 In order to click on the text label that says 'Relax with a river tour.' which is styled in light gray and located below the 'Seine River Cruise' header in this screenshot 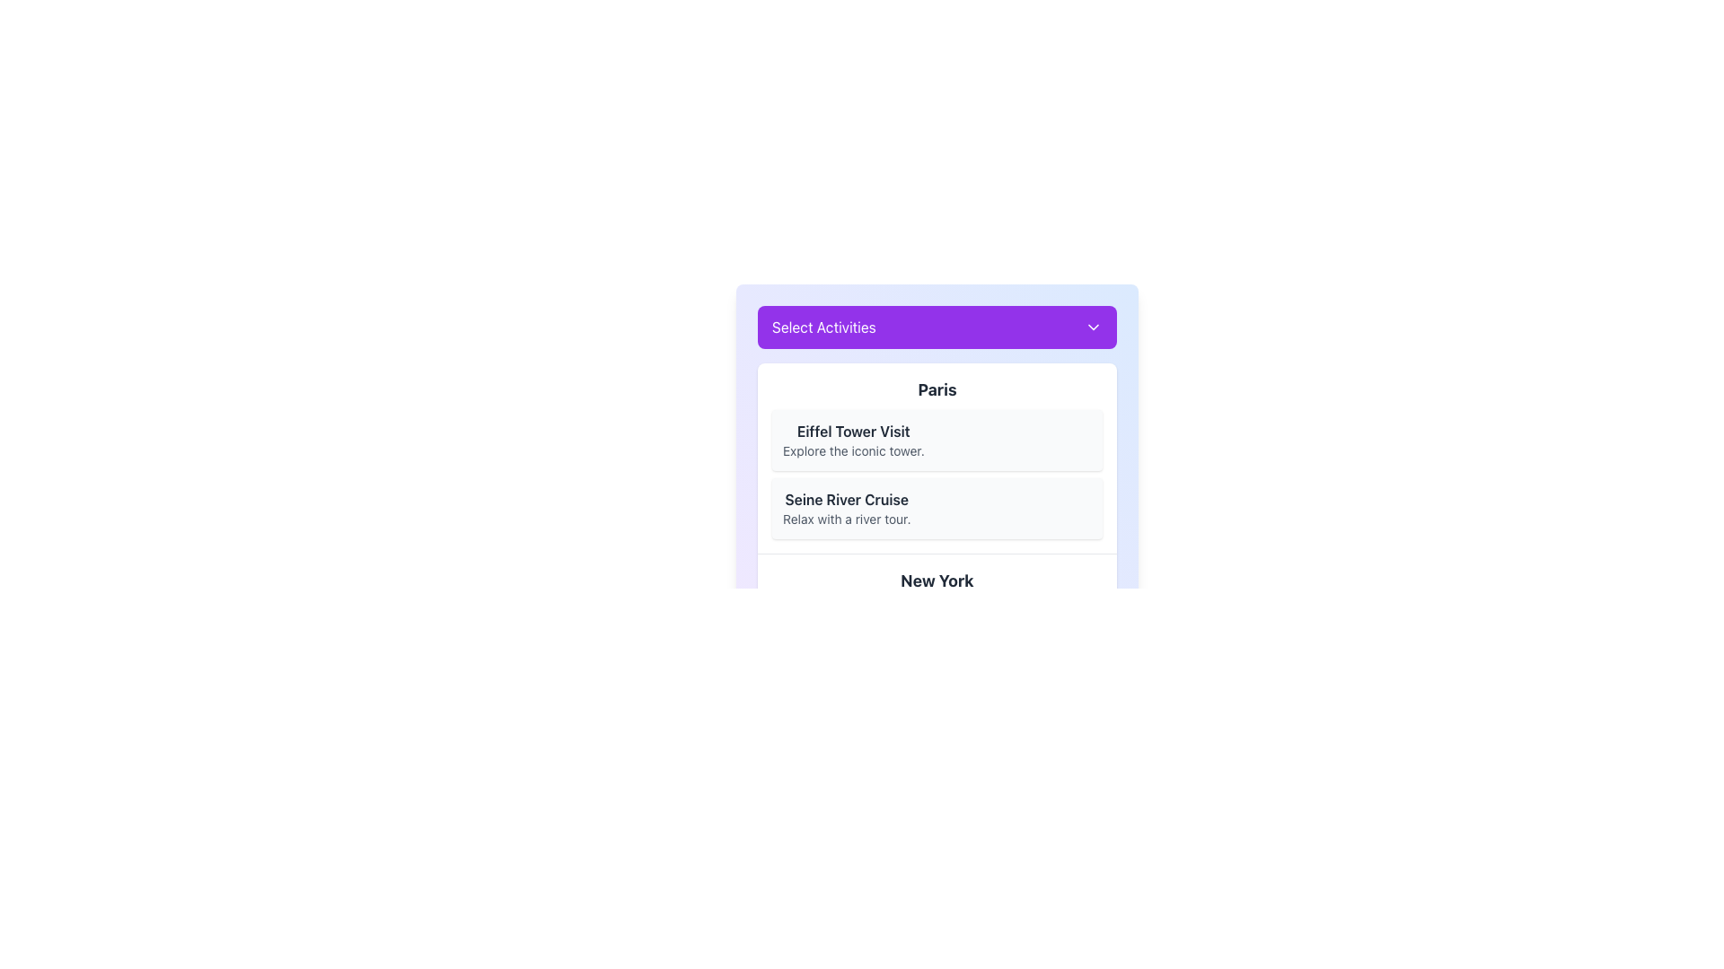, I will do `click(846, 519)`.